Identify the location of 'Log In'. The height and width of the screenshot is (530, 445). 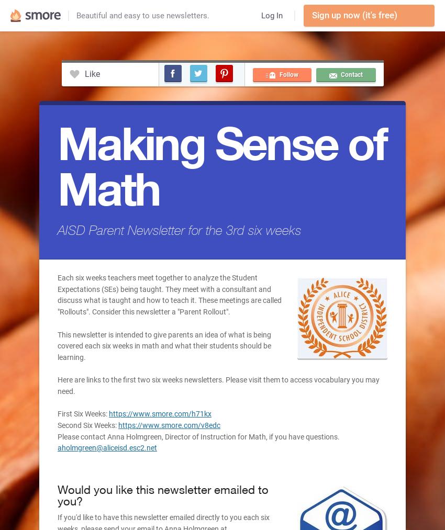
(271, 15).